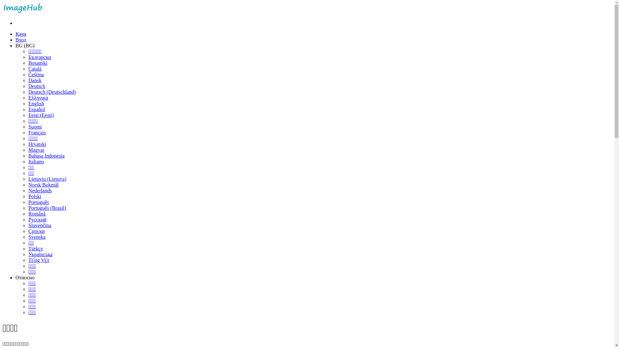 The width and height of the screenshot is (619, 348). What do you see at coordinates (37, 63) in the screenshot?
I see `'Bosanski'` at bounding box center [37, 63].